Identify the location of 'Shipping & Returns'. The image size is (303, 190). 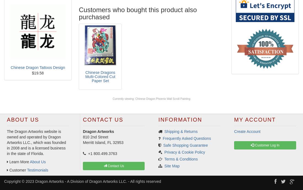
(181, 131).